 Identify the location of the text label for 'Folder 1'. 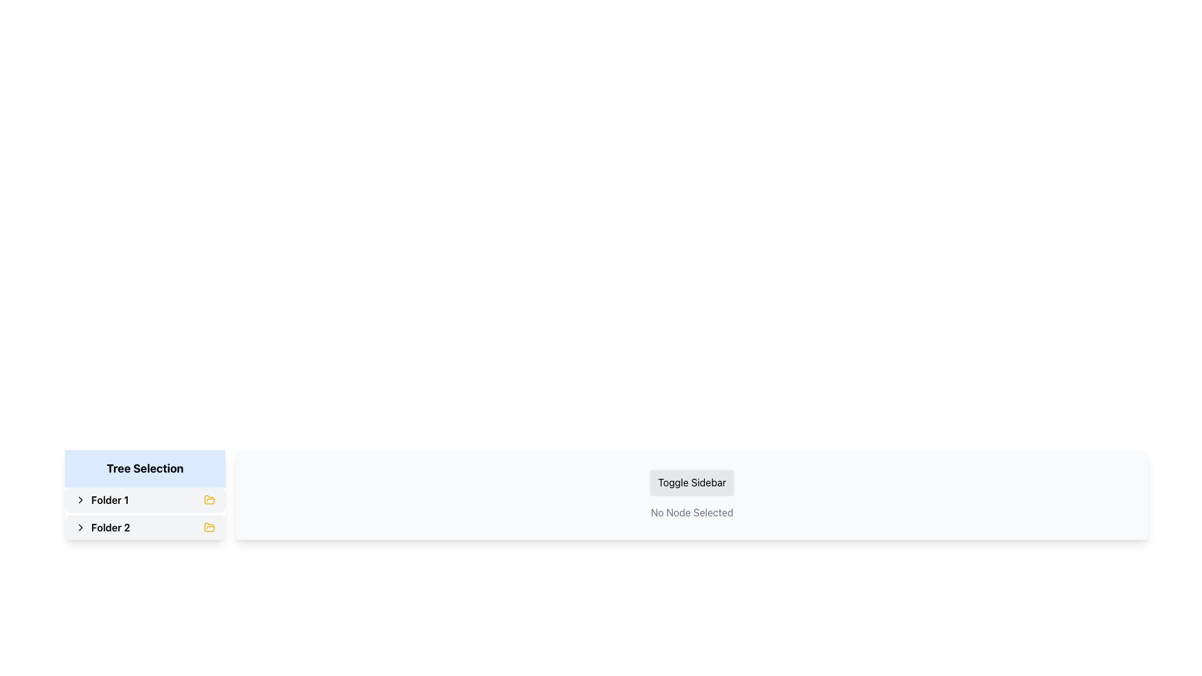
(110, 499).